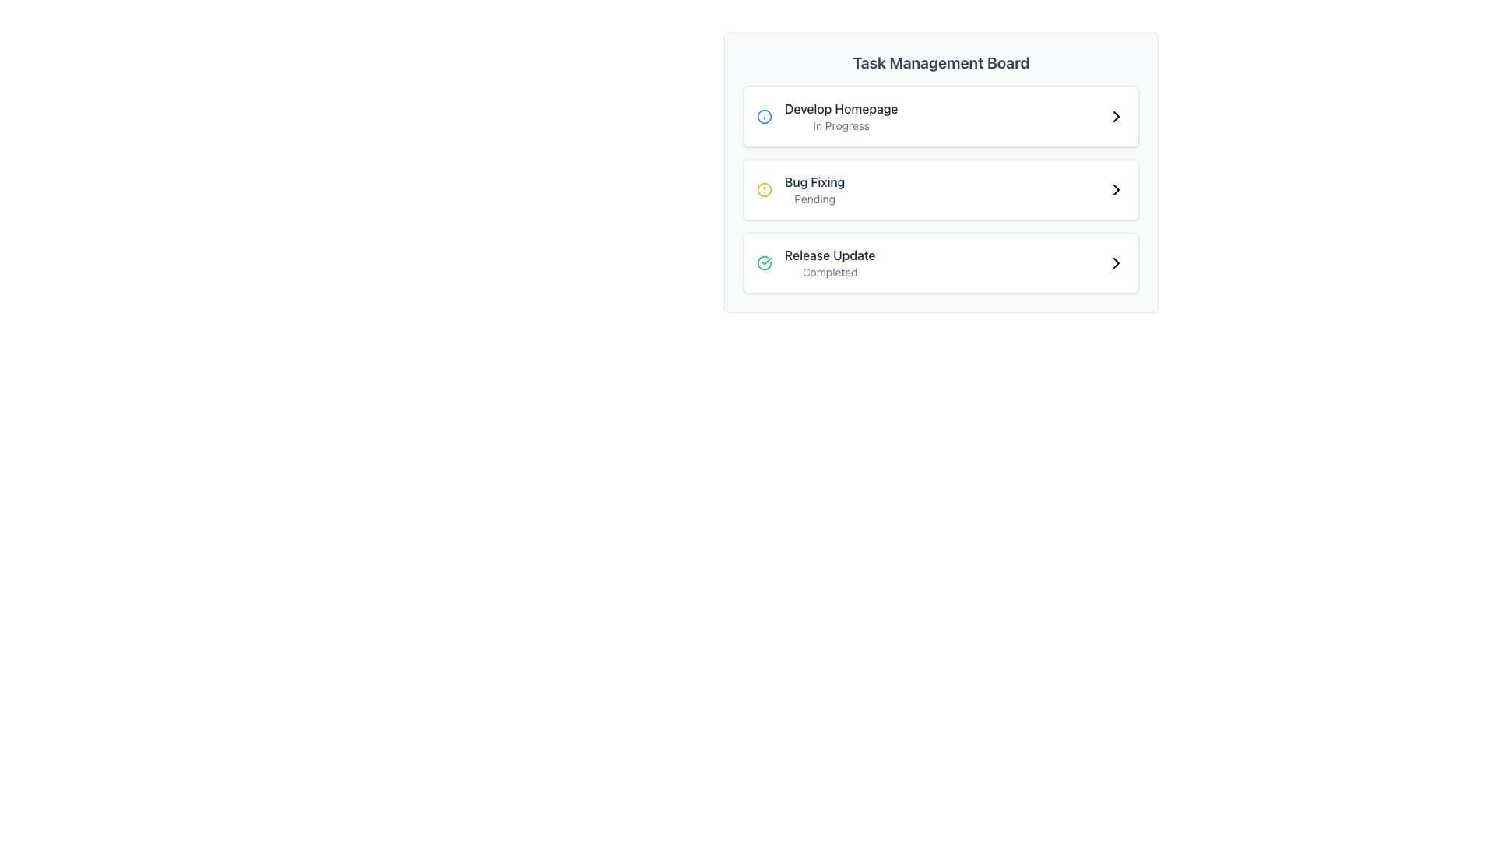 The image size is (1495, 841). Describe the element at coordinates (800, 188) in the screenshot. I see `the Information Element displaying a yellow circular icon with an exclamation mark, titled 'Bug Fixing' with subtitle 'Pending', located in the middle row of the task management board UI` at that location.